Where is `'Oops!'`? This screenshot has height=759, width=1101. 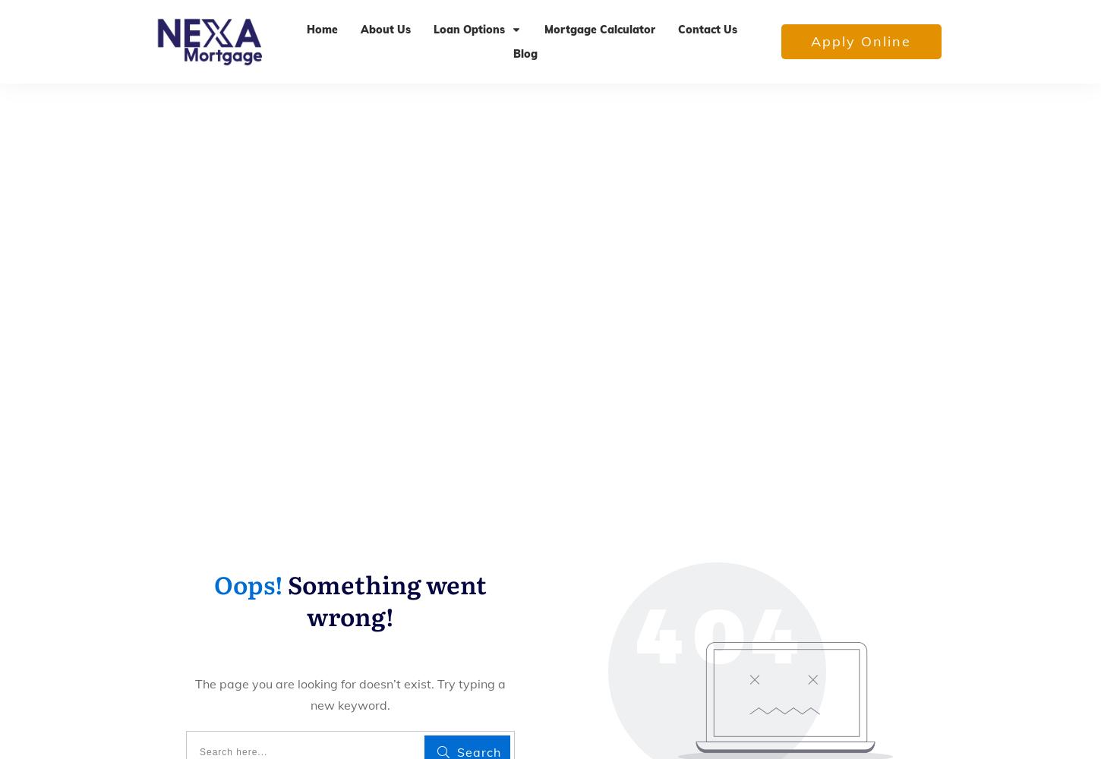
'Oops!' is located at coordinates (248, 584).